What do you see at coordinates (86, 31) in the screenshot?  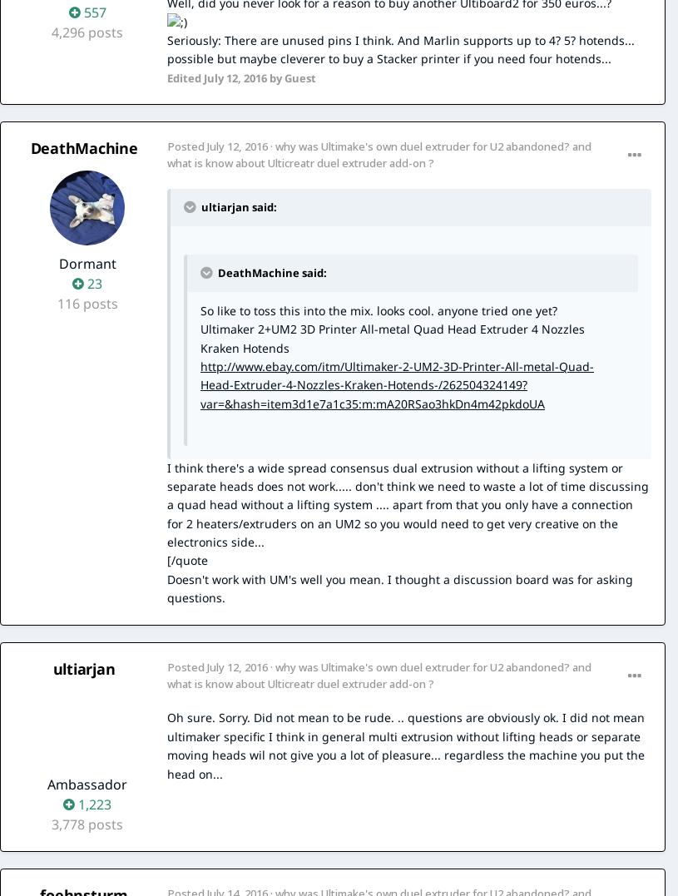 I see `'4,296 posts'` at bounding box center [86, 31].